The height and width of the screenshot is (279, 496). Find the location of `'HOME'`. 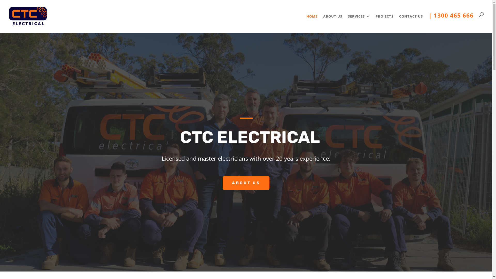

'HOME' is located at coordinates (312, 22).